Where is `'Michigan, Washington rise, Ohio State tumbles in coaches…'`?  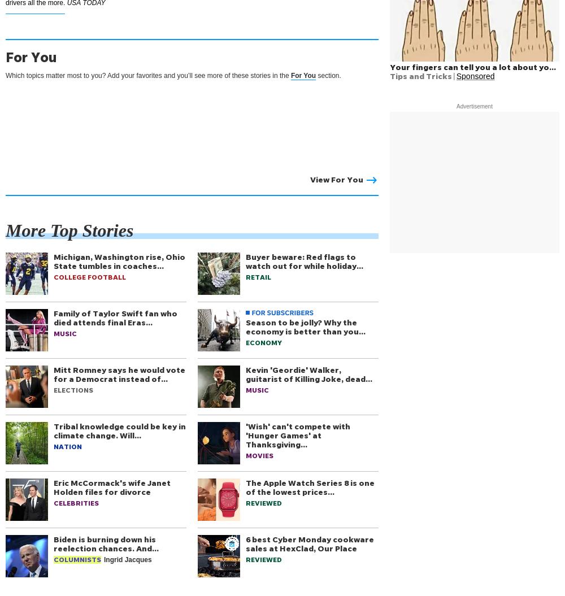 'Michigan, Washington rise, Ohio State tumbles in coaches…' is located at coordinates (119, 260).